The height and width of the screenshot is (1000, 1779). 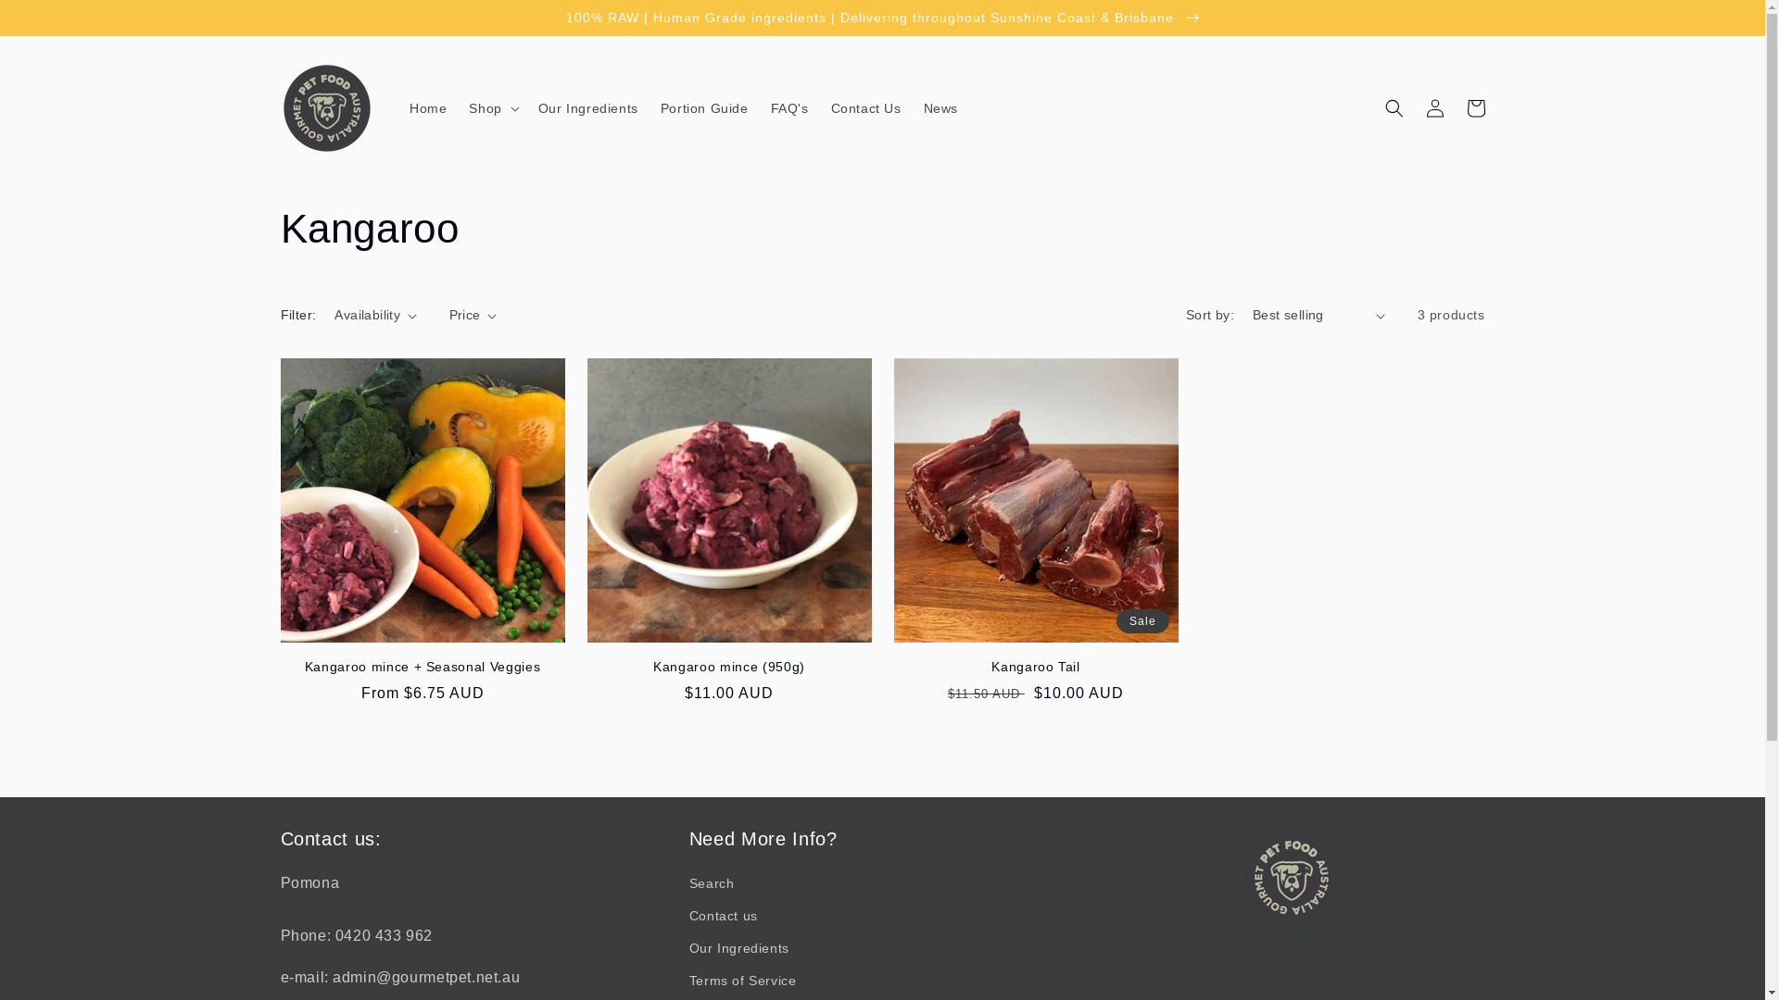 What do you see at coordinates (728, 667) in the screenshot?
I see `'Kangaroo mince (950g)'` at bounding box center [728, 667].